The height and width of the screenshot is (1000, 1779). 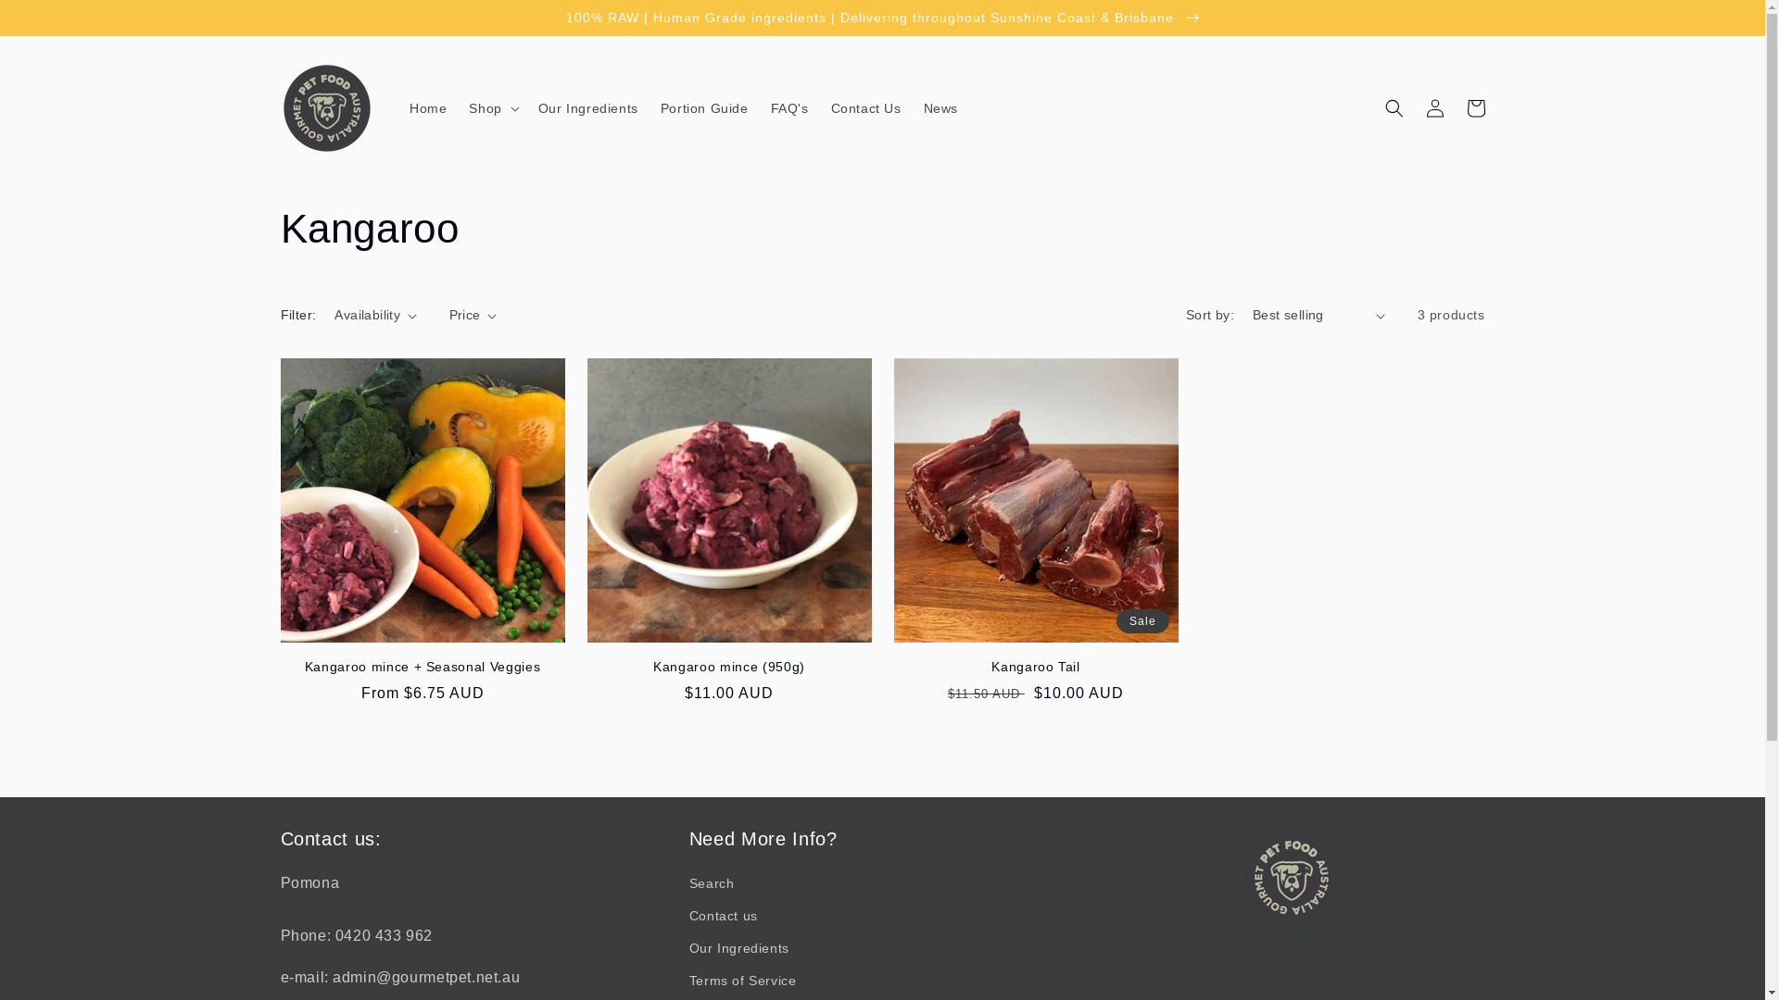 What do you see at coordinates (728, 667) in the screenshot?
I see `'Kangaroo mince (950g)'` at bounding box center [728, 667].